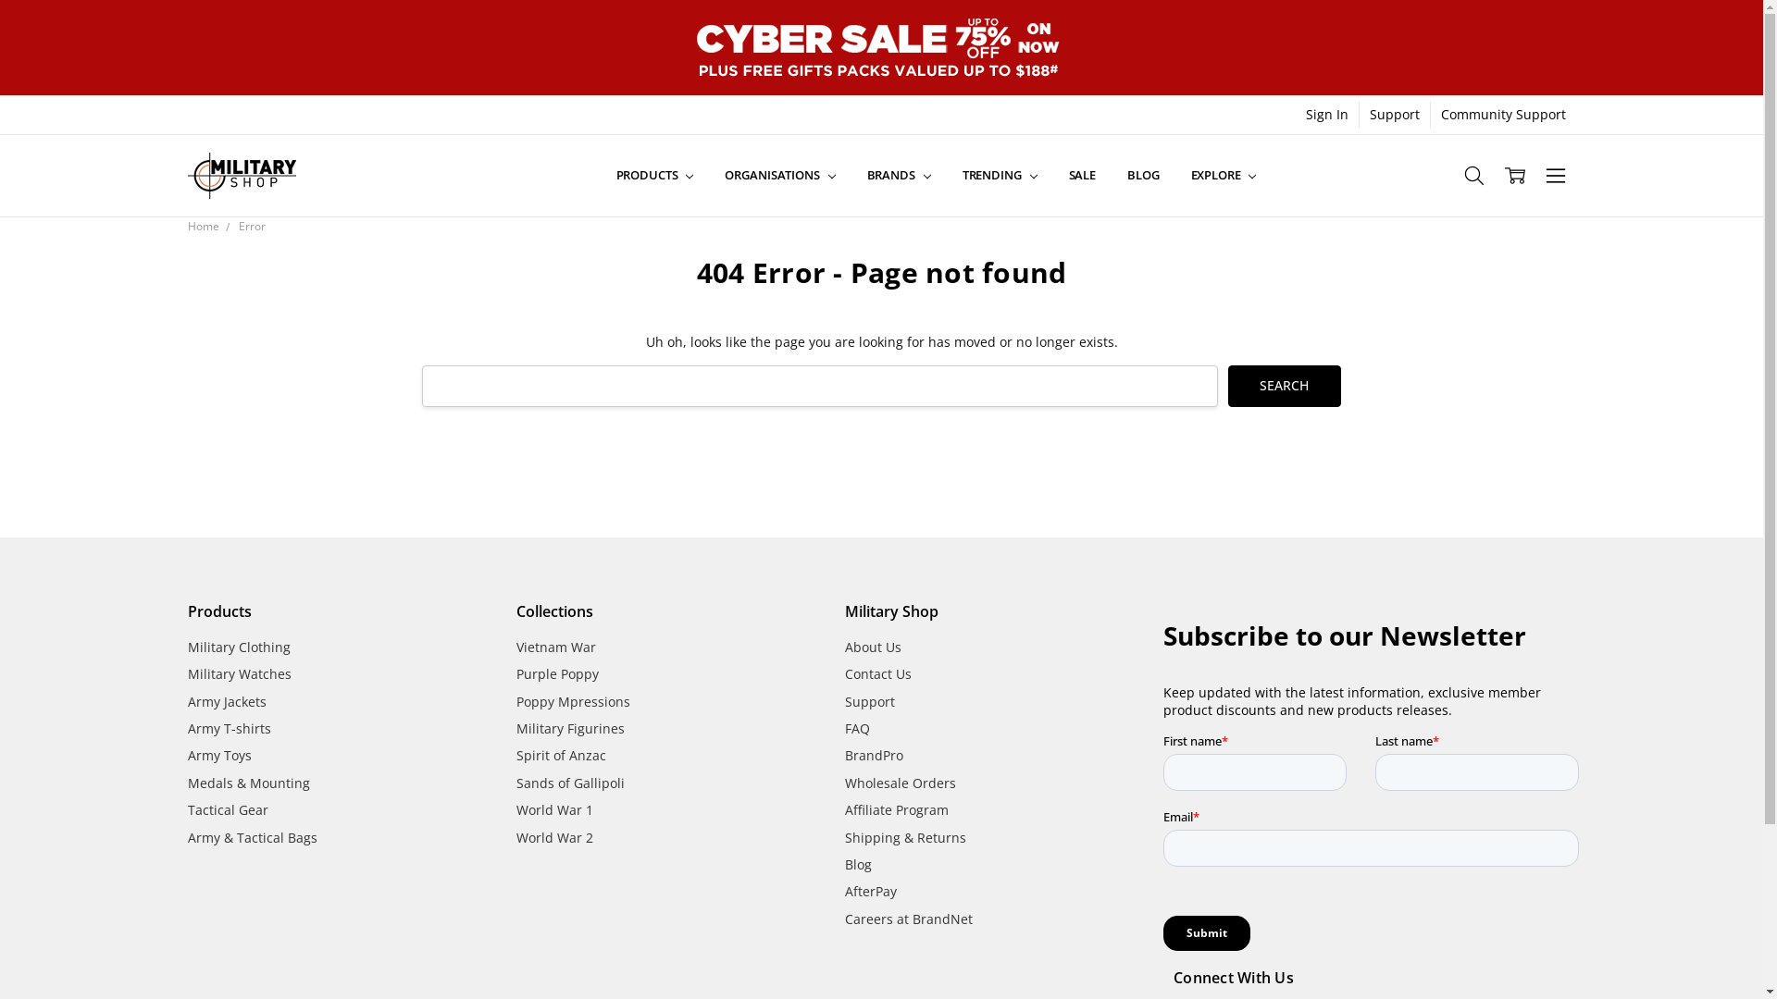 The width and height of the screenshot is (1777, 999). Describe the element at coordinates (1082, 175) in the screenshot. I see `'SALE'` at that location.